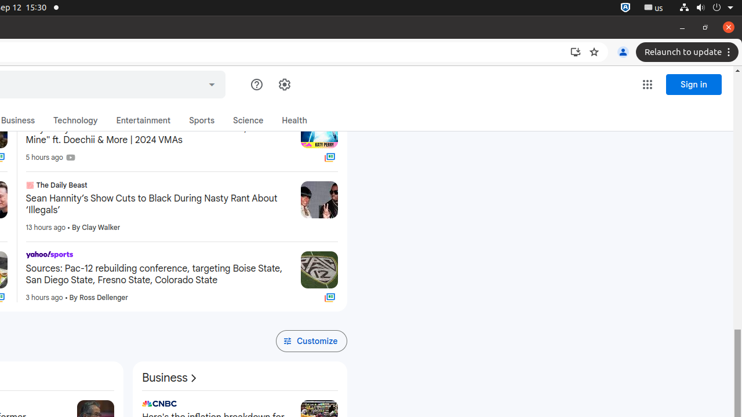 Image resolution: width=742 pixels, height=417 pixels. Describe the element at coordinates (158, 204) in the screenshot. I see `'Sean Hannity’s Show Cuts to Black During Nasty Rant About ‘Illegals’'` at that location.